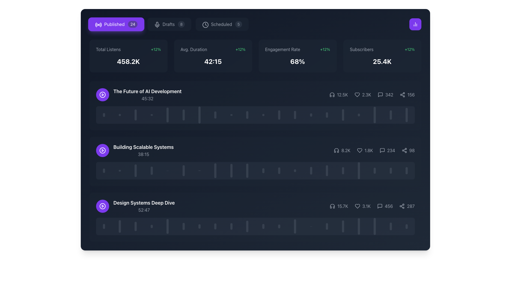 The image size is (524, 295). I want to click on gray-colored number text '287' displayed prominently in a light font weight, located next to a share icon on the far right side of the interface, so click(411, 206).